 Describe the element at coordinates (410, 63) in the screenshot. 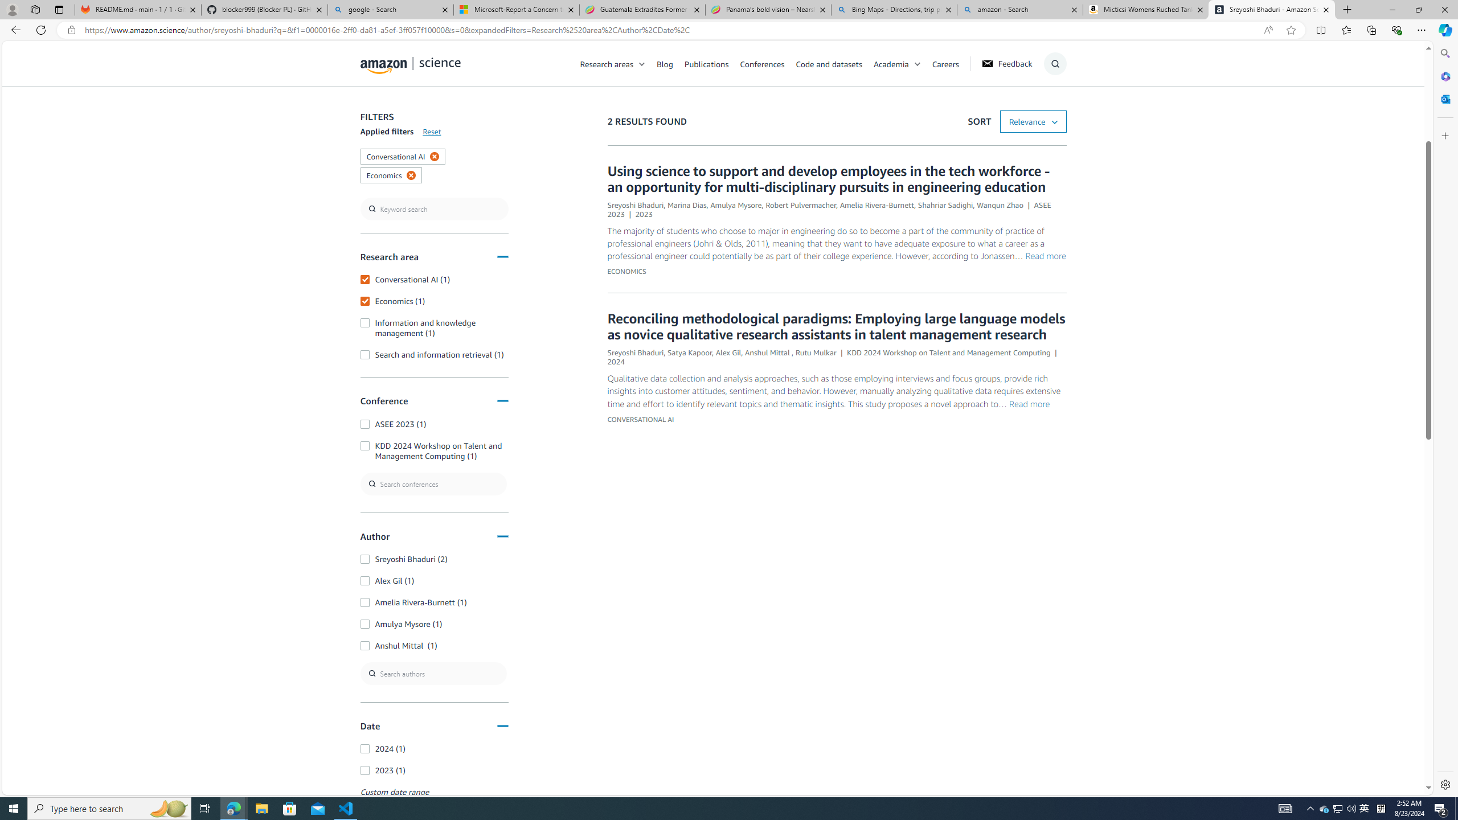

I see `'home page'` at that location.